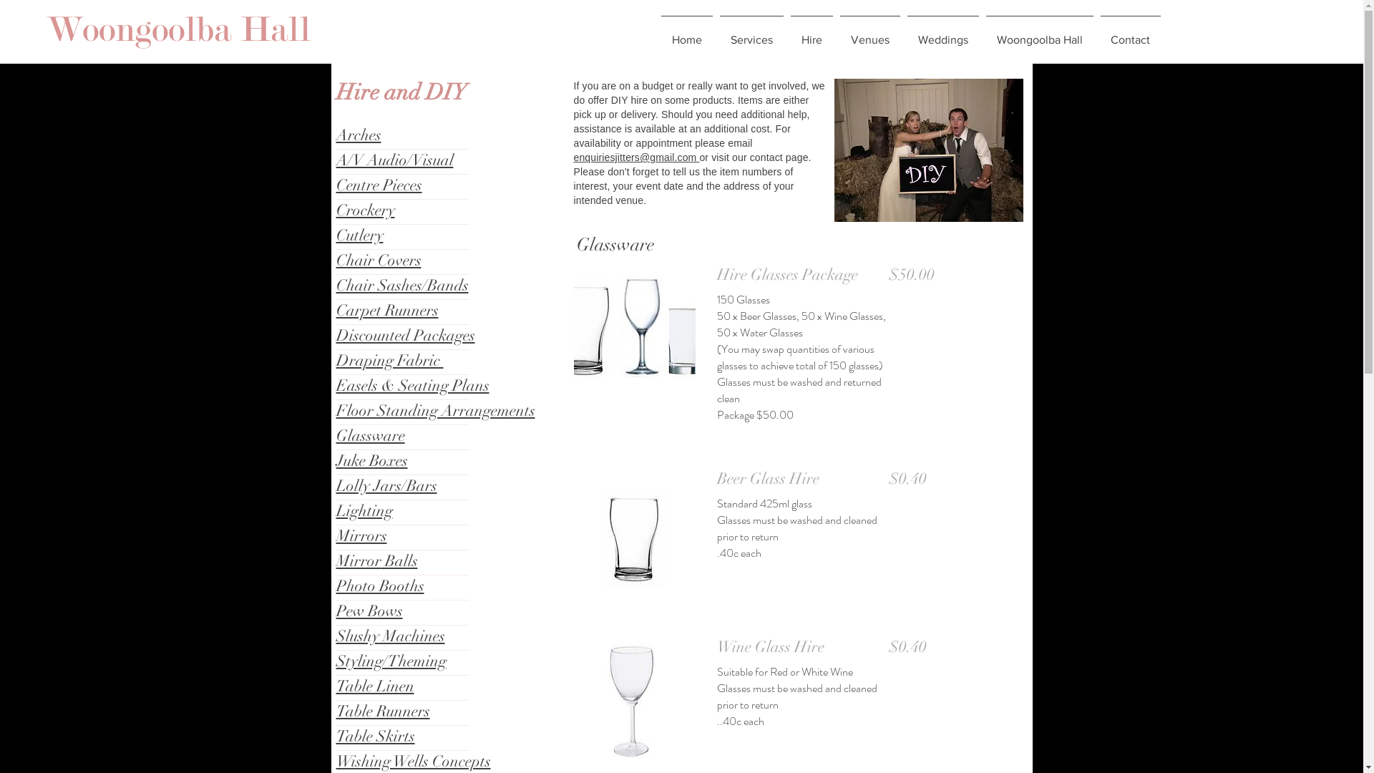 This screenshot has height=773, width=1374. I want to click on 'Centre Pieces', so click(379, 184).